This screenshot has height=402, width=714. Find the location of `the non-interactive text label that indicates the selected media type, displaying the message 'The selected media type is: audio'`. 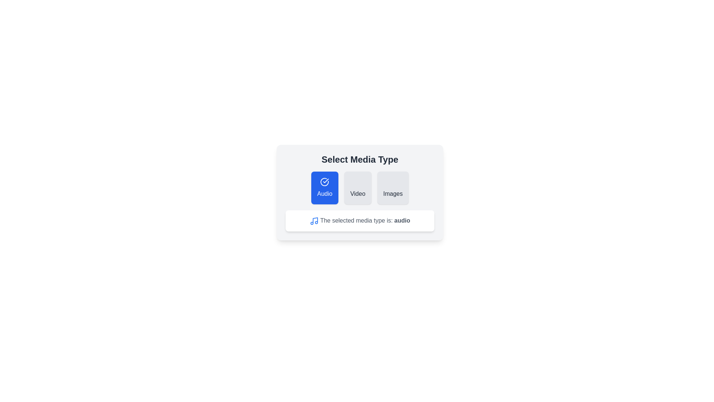

the non-interactive text label that indicates the selected media type, displaying the message 'The selected media type is: audio' is located at coordinates (402, 220).